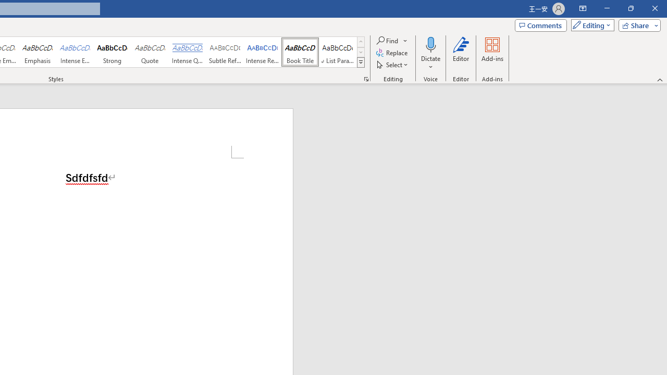 The width and height of the screenshot is (667, 375). I want to click on 'Dictate', so click(430, 44).